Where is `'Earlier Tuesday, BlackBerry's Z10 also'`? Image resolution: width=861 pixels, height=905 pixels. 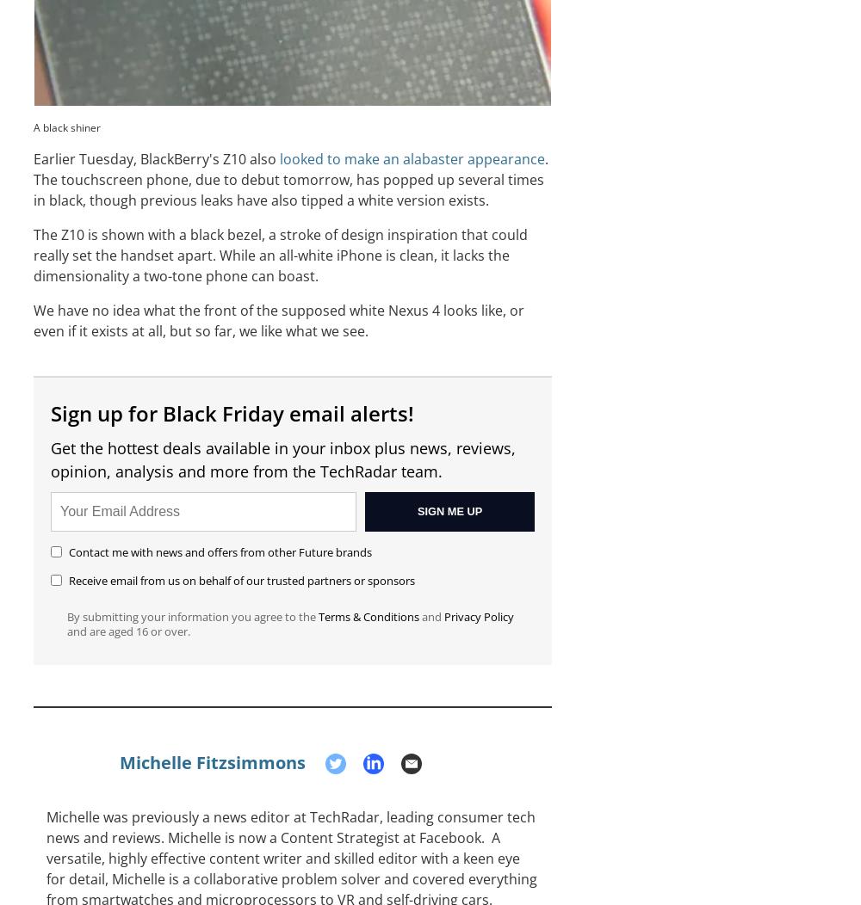
'Earlier Tuesday, BlackBerry's Z10 also' is located at coordinates (34, 159).